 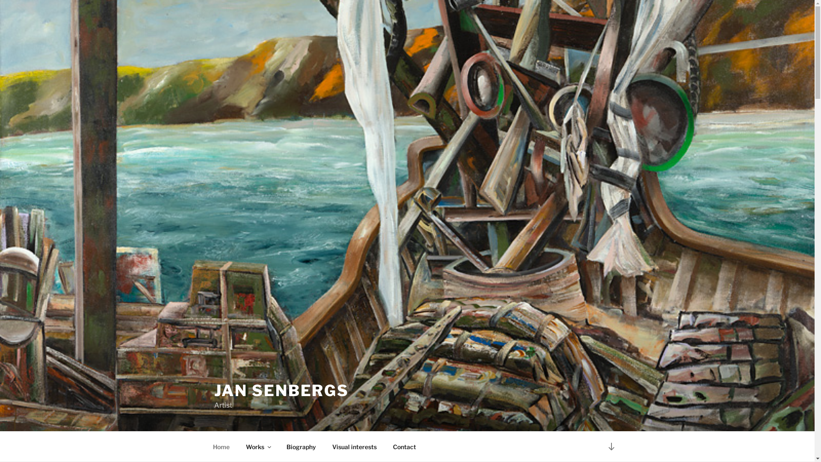 I want to click on 'Scroll down to content', so click(x=611, y=446).